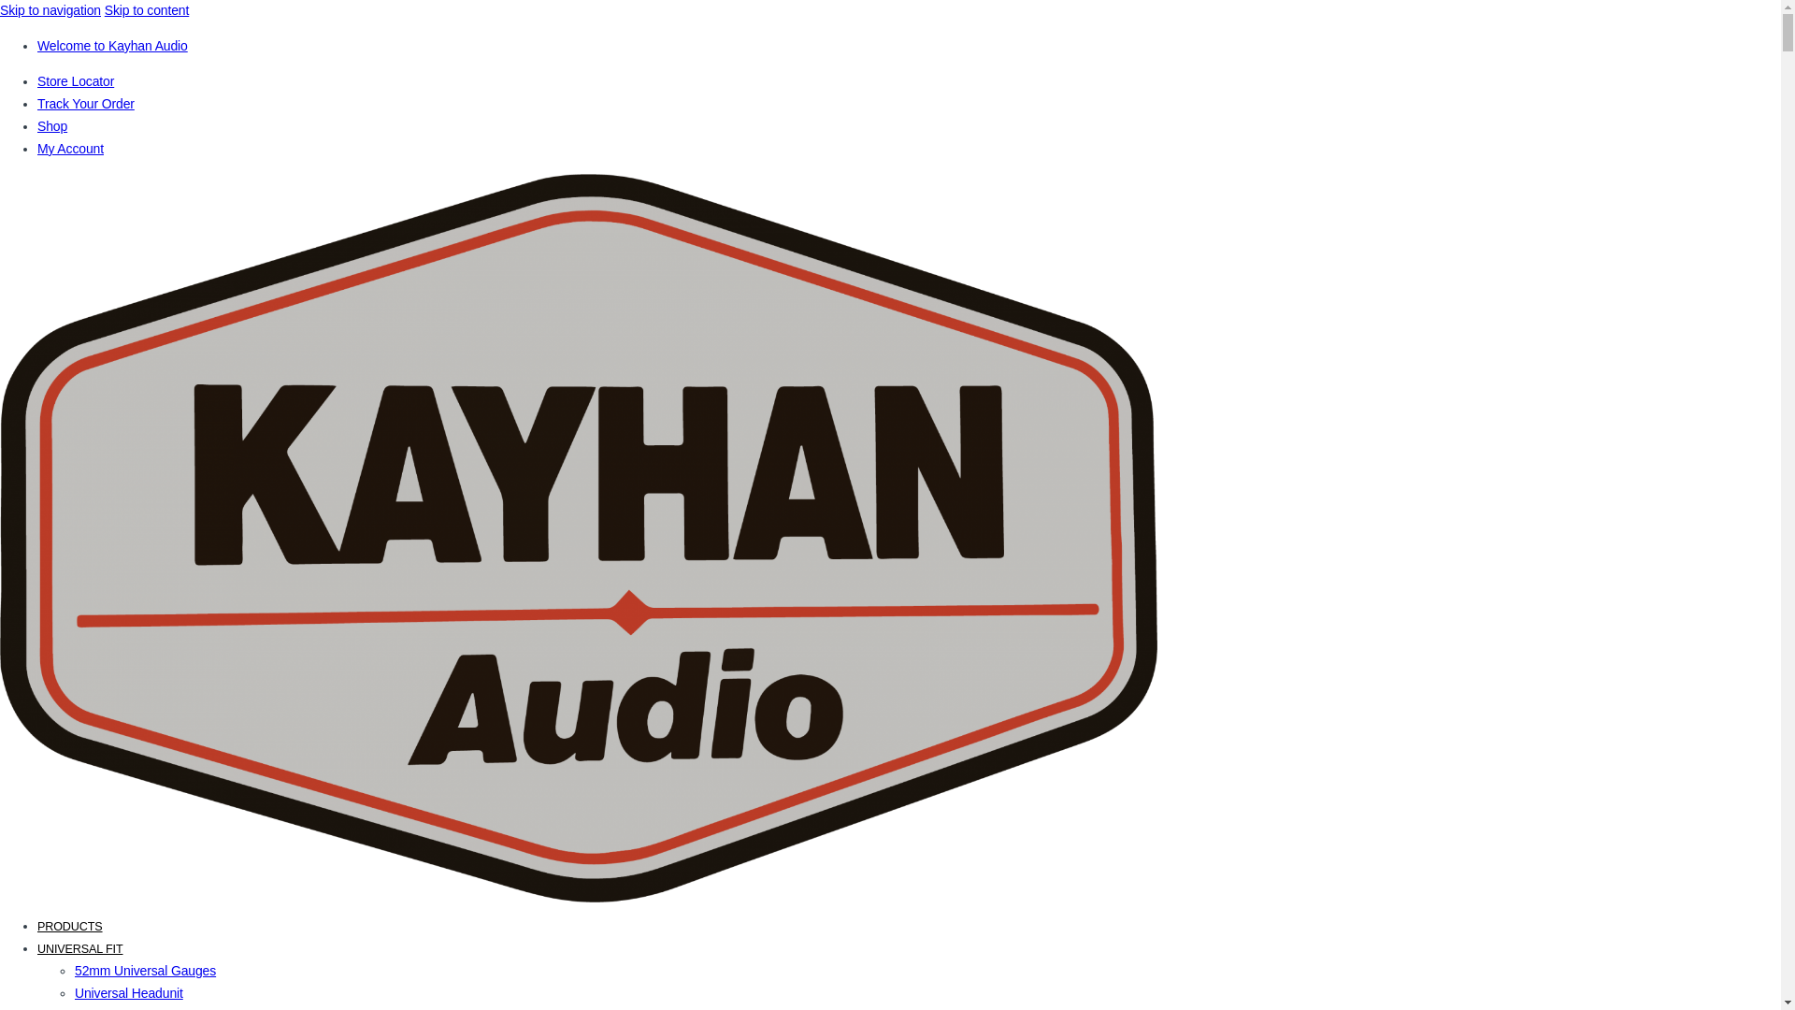 Image resolution: width=1795 pixels, height=1010 pixels. I want to click on 'Universal Headunit', so click(128, 991).